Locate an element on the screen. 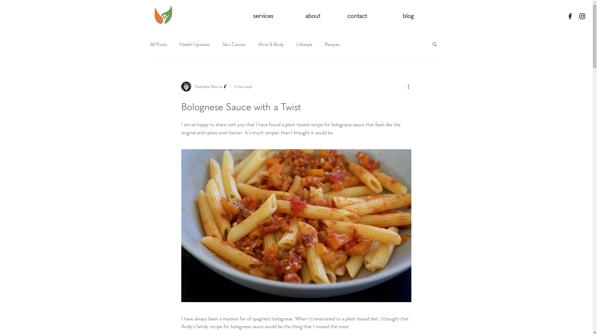 The width and height of the screenshot is (597, 335). 'All Posts' is located at coordinates (158, 43).